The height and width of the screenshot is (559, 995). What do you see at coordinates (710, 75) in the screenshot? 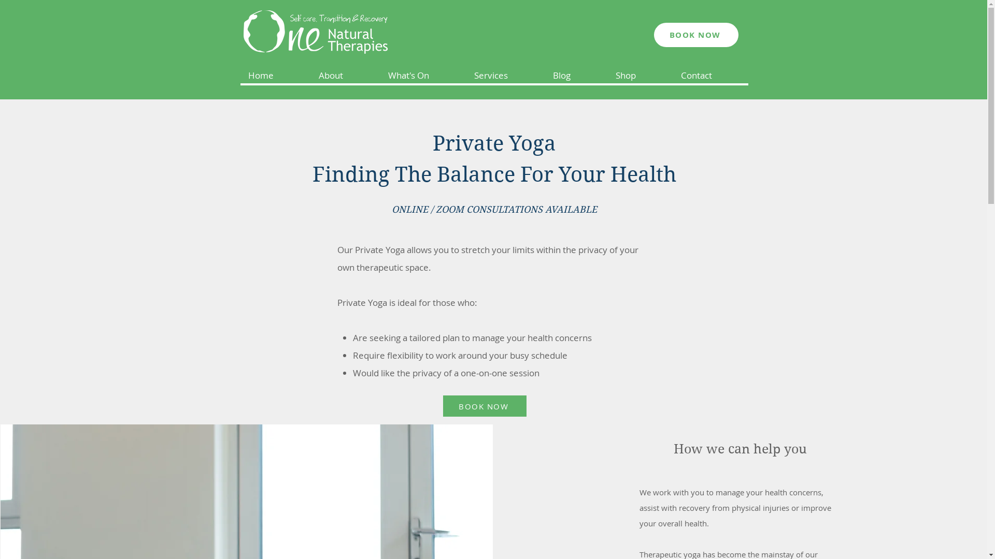
I see `'Contact'` at bounding box center [710, 75].